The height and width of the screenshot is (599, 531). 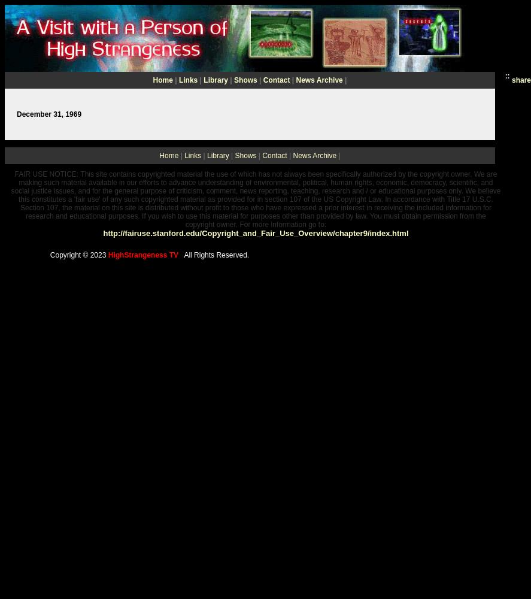 What do you see at coordinates (48, 113) in the screenshot?
I see `'December 31, 1969'` at bounding box center [48, 113].